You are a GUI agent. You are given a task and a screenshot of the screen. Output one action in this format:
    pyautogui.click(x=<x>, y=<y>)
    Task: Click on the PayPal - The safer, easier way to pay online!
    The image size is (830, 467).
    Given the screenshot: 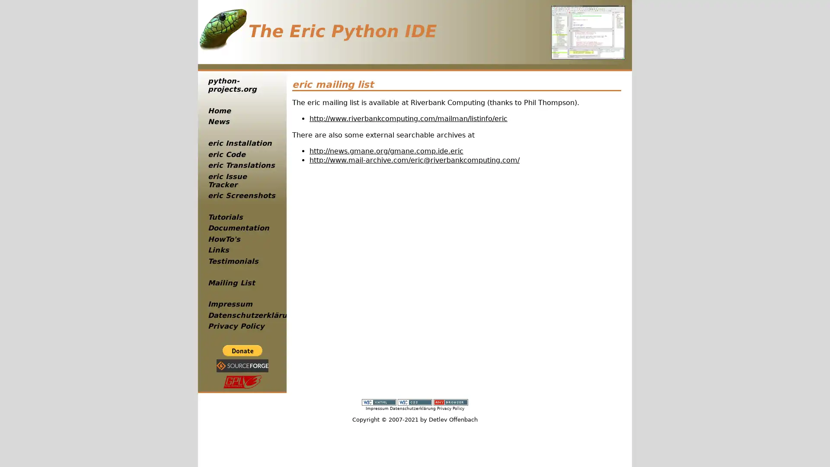 What is the action you would take?
    pyautogui.click(x=242, y=350)
    